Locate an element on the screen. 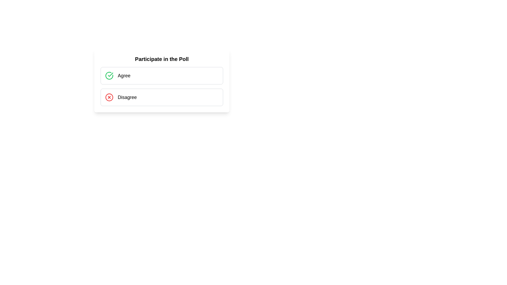 Image resolution: width=507 pixels, height=285 pixels. the interactive poll card titled 'Participate in the Poll' to interact with the poll options is located at coordinates (162, 80).